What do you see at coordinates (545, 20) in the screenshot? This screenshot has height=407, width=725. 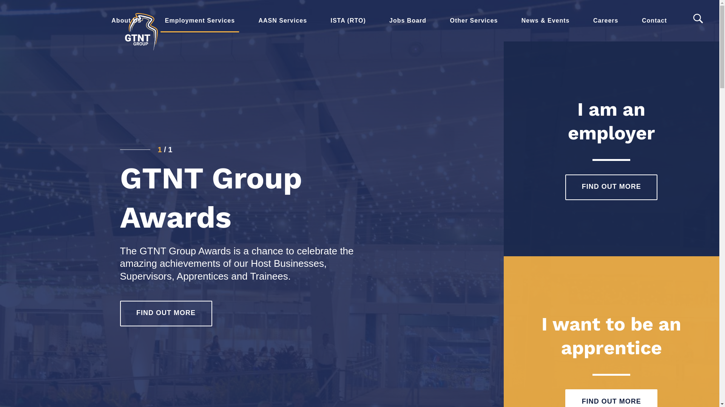 I see `'News & Events'` at bounding box center [545, 20].